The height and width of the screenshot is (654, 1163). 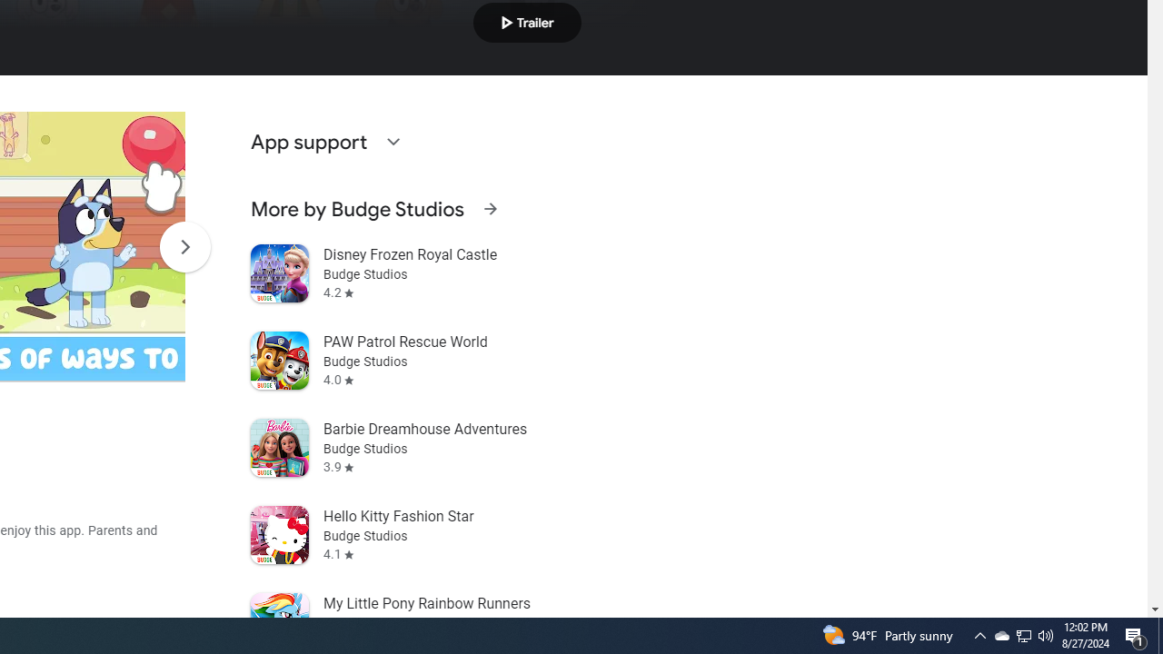 I want to click on 'Expand', so click(x=392, y=140).